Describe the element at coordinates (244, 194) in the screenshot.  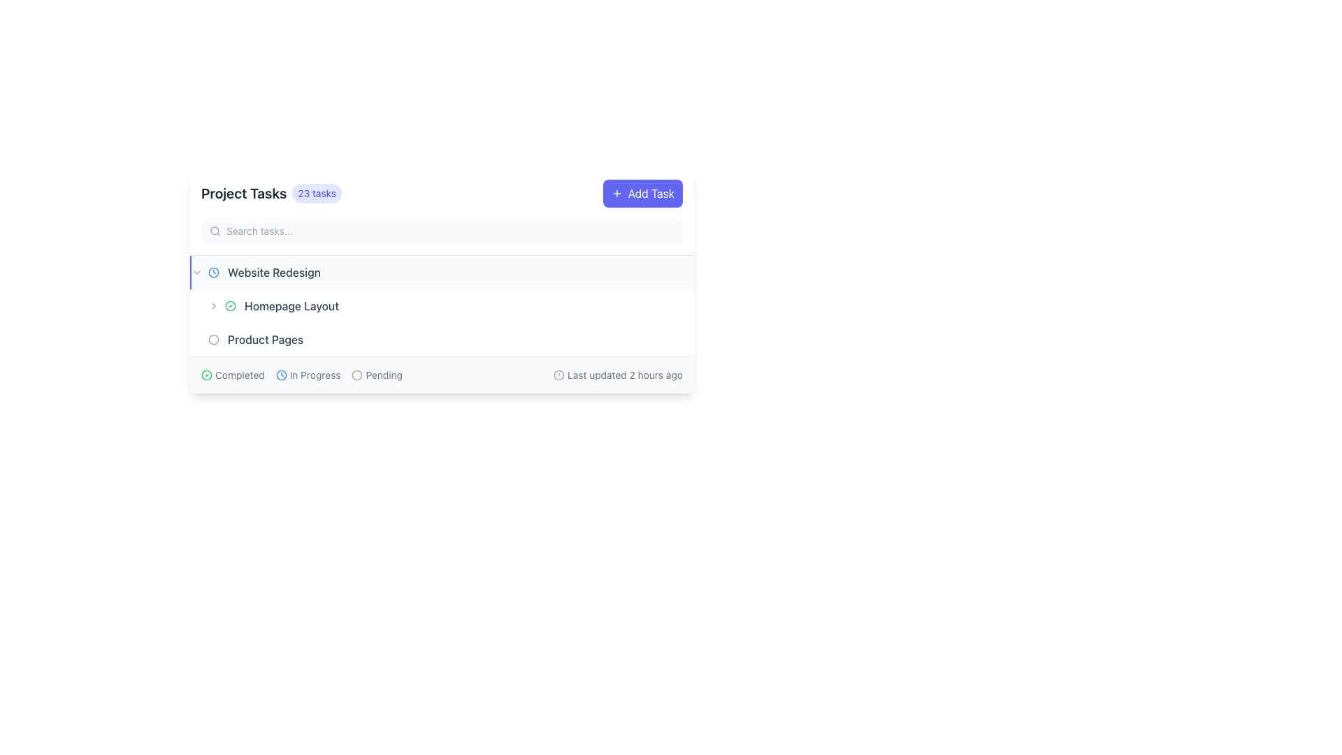
I see `the text label indicating 'Project Tasks', which serves as a section header for the tasks below` at that location.